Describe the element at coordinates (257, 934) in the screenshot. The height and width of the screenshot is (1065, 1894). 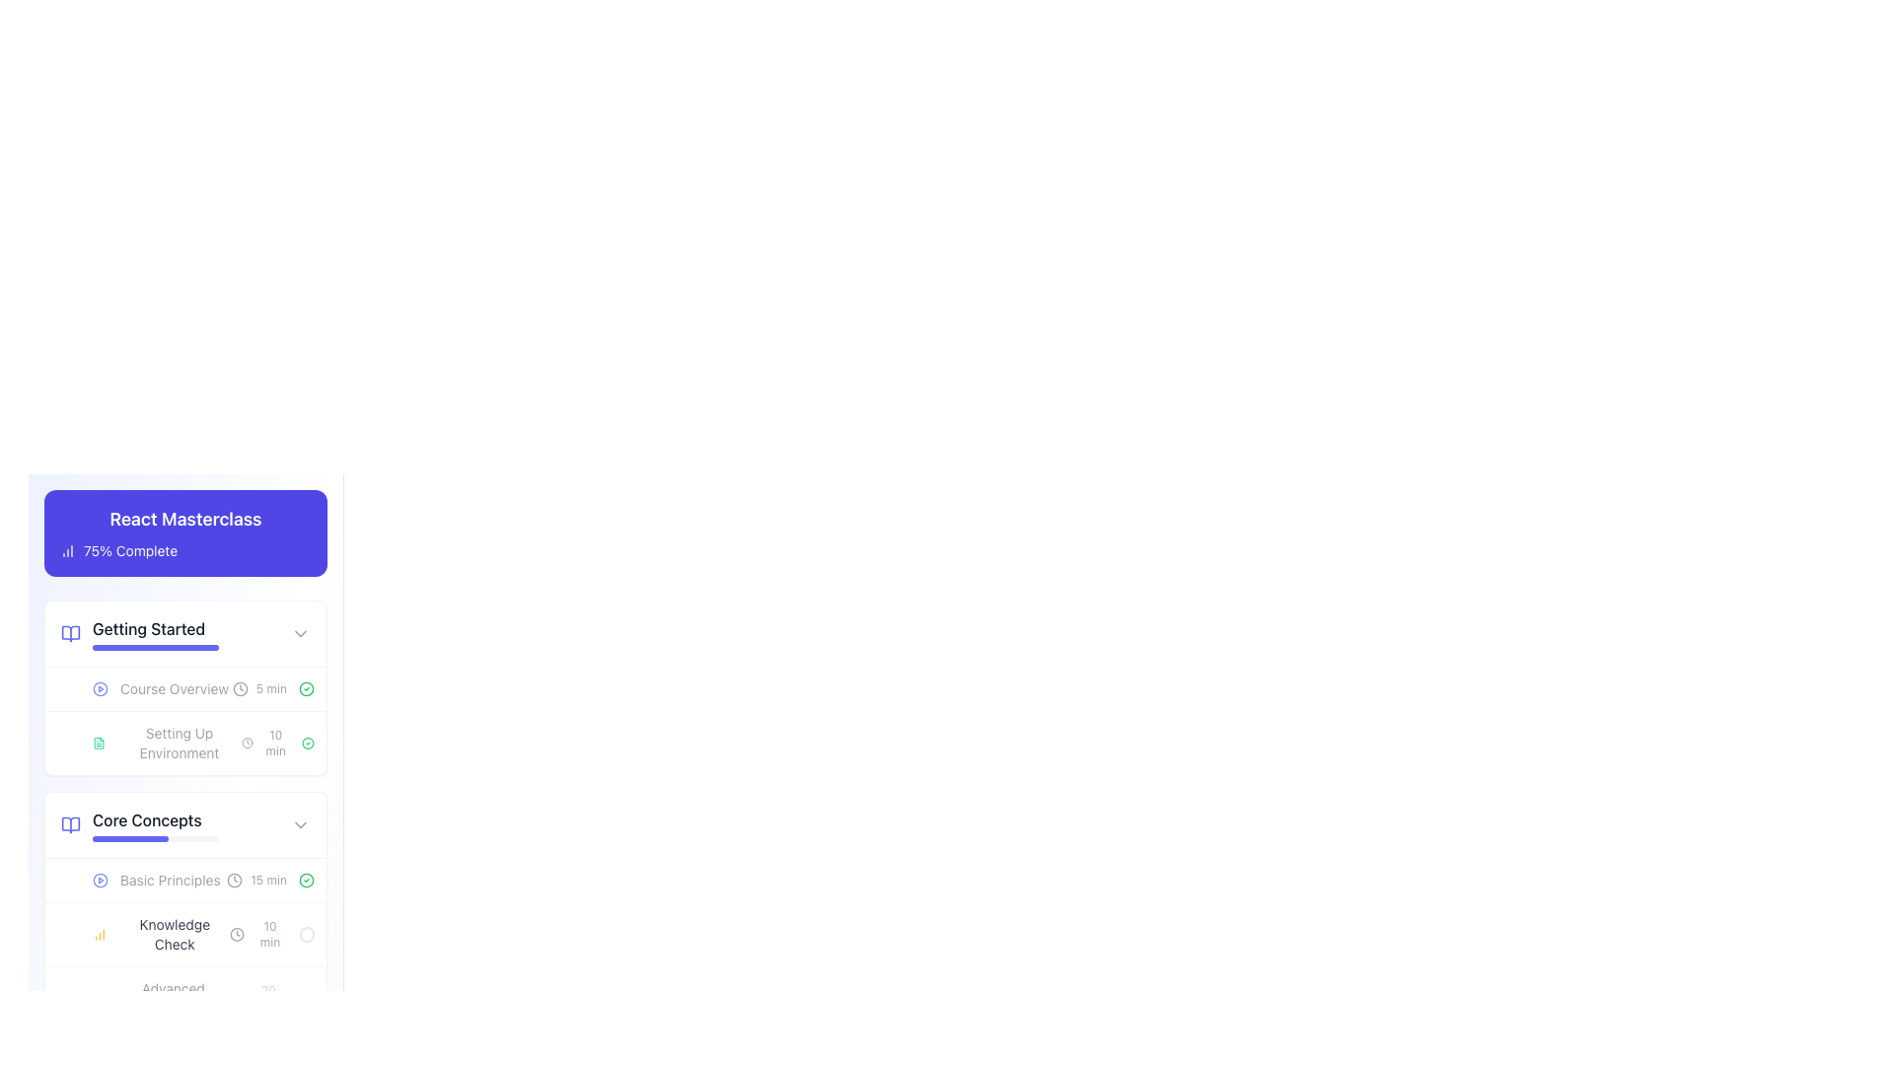
I see `the label element that displays a clock icon and the text '10 min', located within the 'Knowledge Check' section under 'Core Concepts'` at that location.